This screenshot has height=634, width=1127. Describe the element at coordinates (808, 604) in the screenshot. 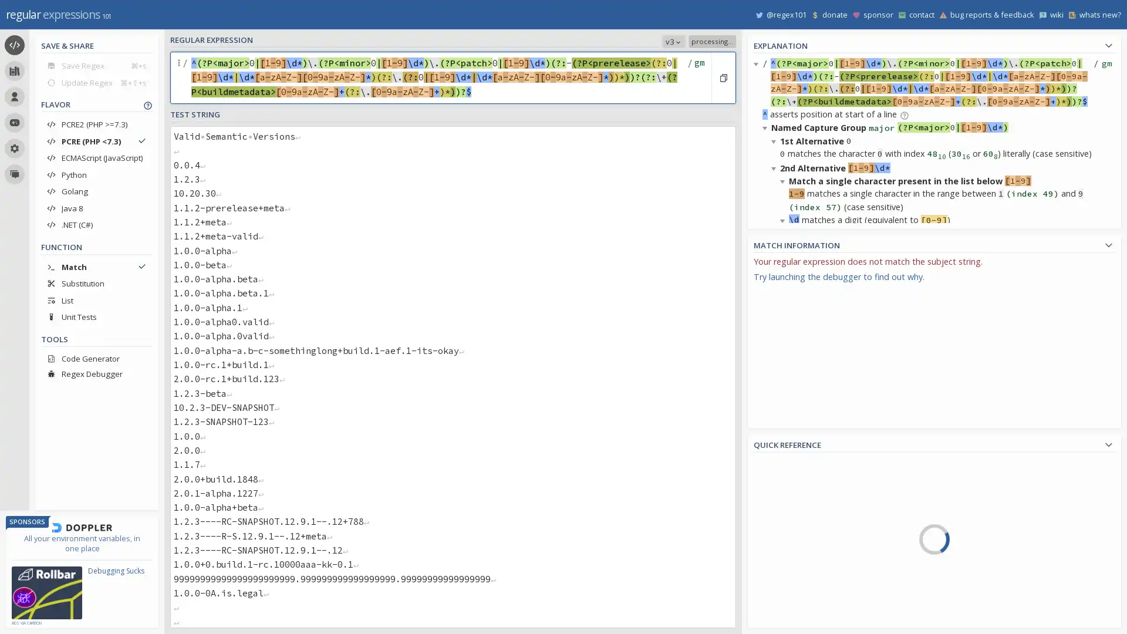

I see `Character Classes` at that location.